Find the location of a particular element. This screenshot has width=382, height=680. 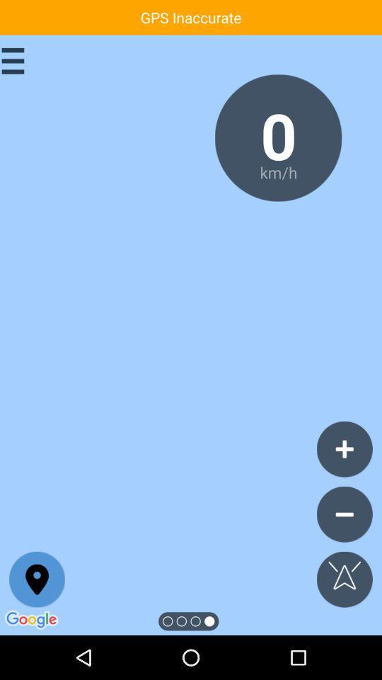

the location icon is located at coordinates (37, 579).